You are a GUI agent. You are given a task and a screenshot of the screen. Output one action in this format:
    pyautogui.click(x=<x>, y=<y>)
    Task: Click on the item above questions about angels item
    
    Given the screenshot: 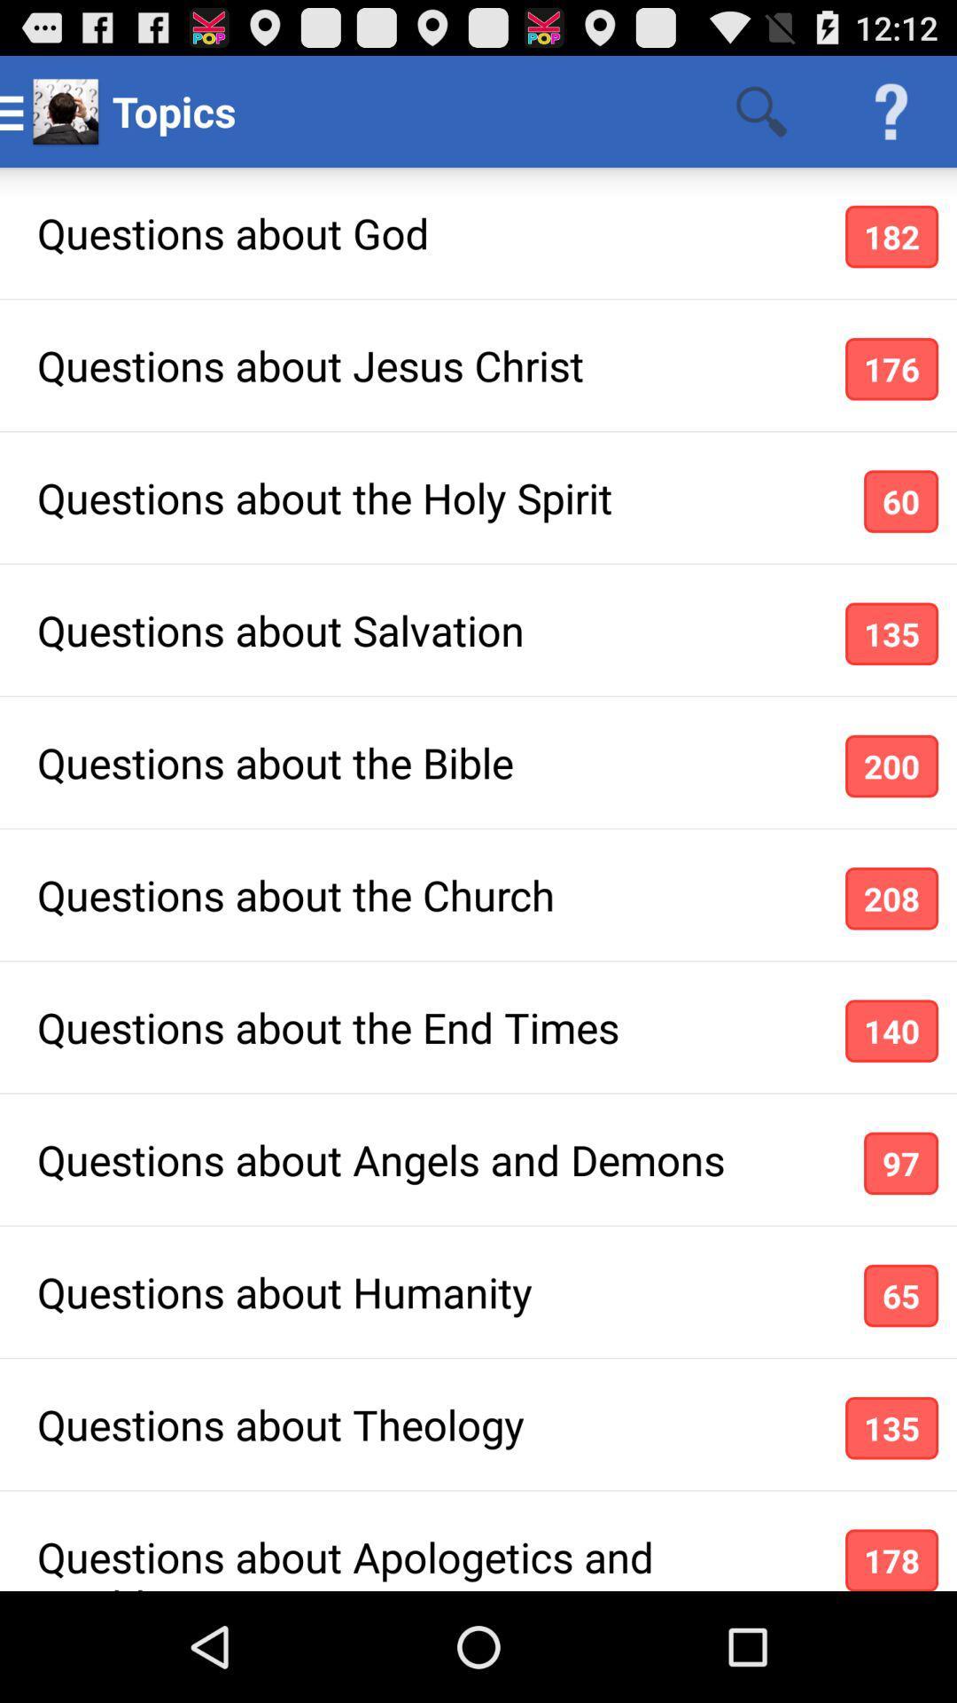 What is the action you would take?
    pyautogui.click(x=891, y=1031)
    